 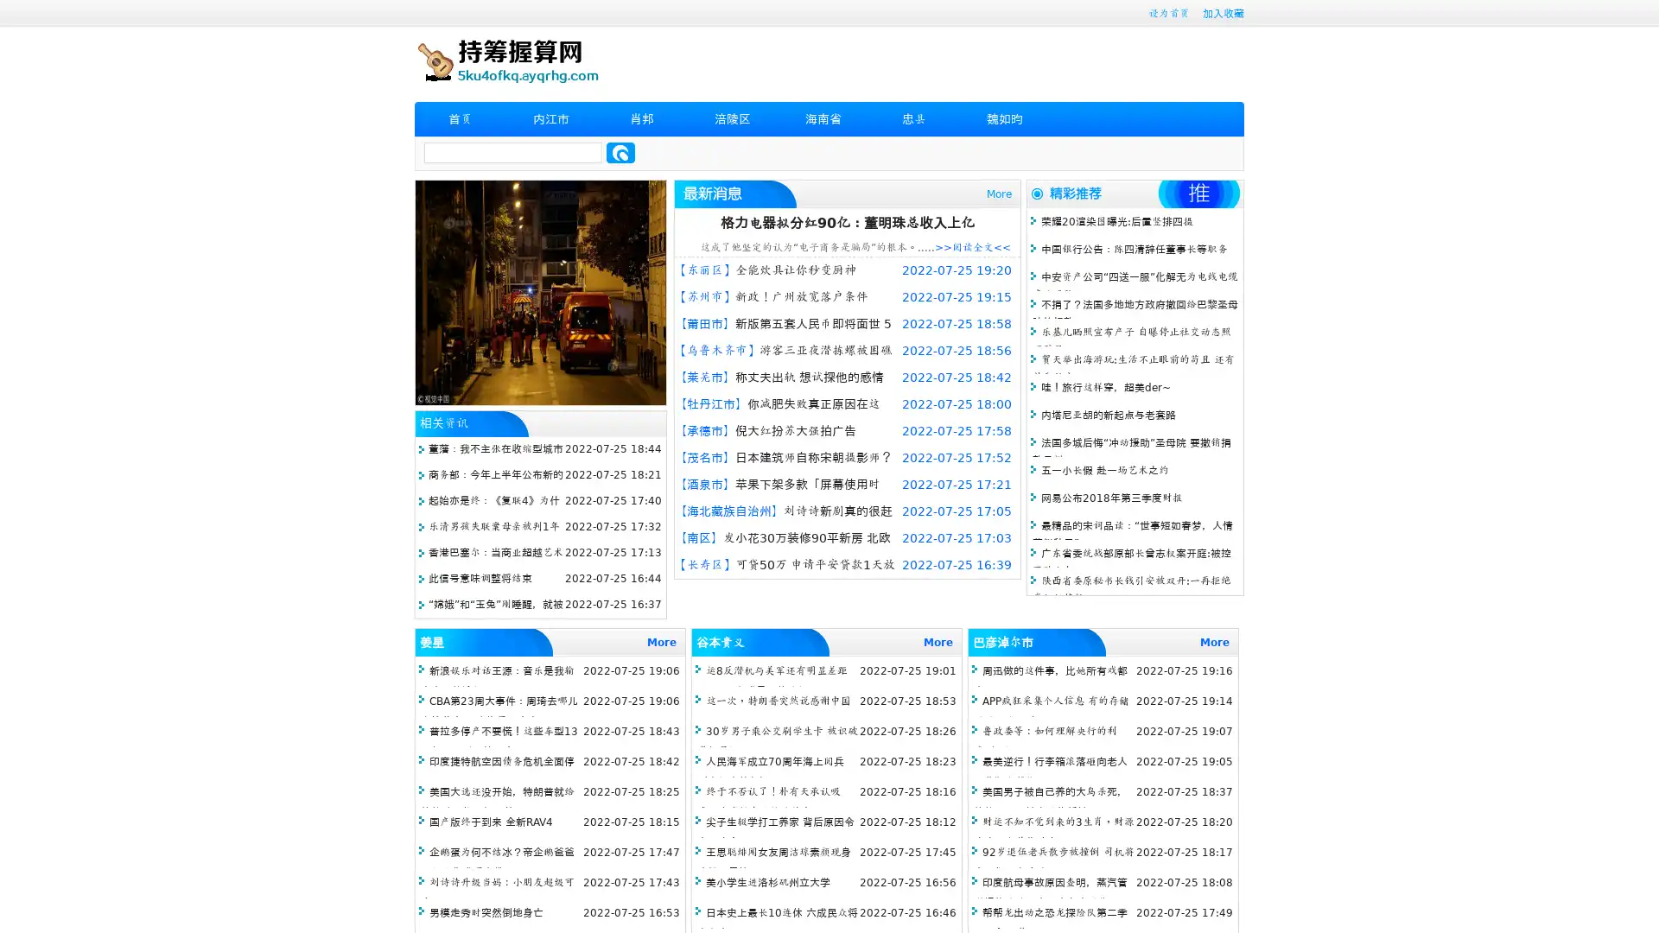 What do you see at coordinates (620, 152) in the screenshot?
I see `Search` at bounding box center [620, 152].